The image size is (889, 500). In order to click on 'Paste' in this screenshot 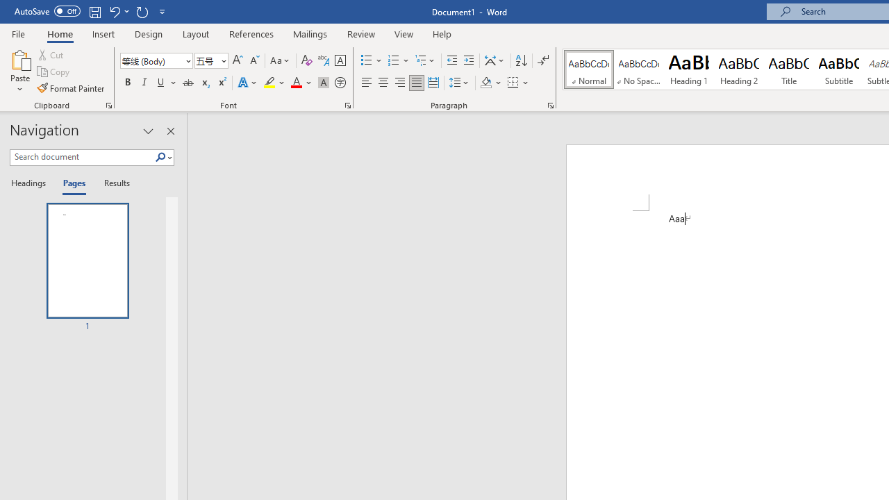, I will do `click(19, 58)`.